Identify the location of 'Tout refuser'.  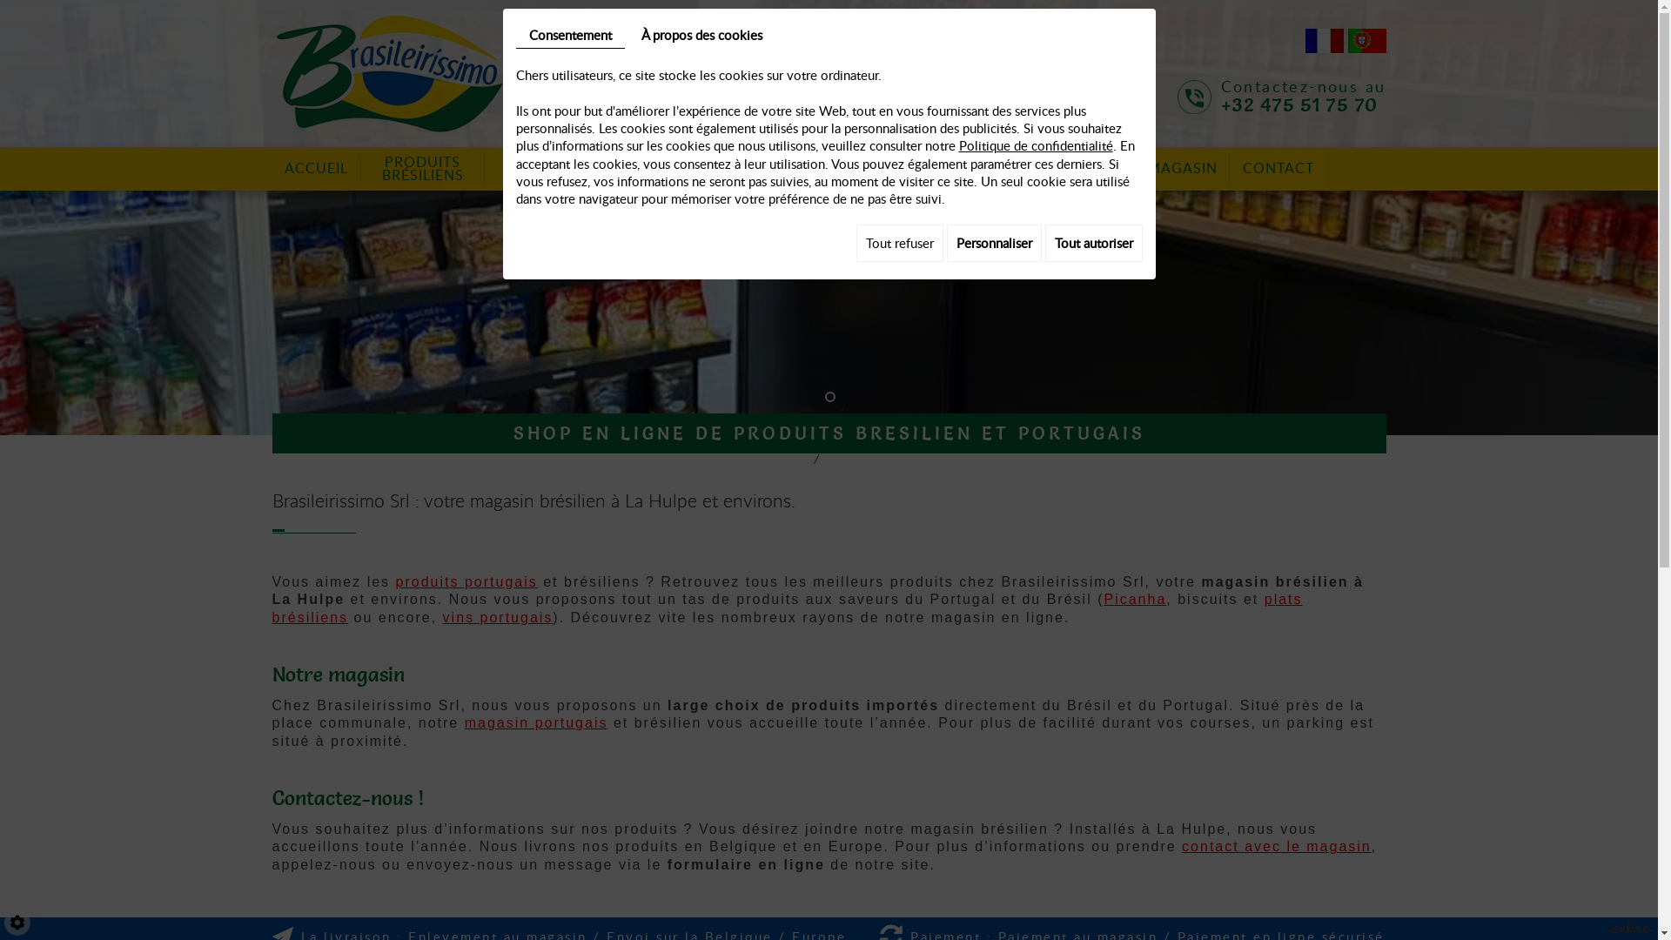
(899, 242).